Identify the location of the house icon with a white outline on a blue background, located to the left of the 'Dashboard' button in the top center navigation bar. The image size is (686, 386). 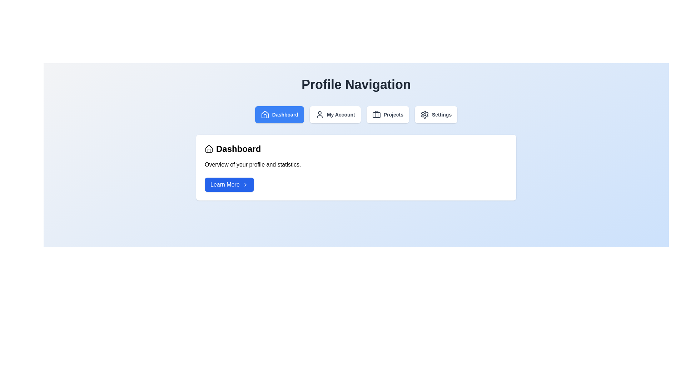
(264, 114).